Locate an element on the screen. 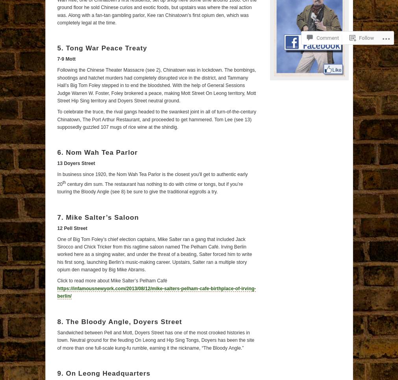  '7. Mike Salter’s Saloon' is located at coordinates (56, 217).